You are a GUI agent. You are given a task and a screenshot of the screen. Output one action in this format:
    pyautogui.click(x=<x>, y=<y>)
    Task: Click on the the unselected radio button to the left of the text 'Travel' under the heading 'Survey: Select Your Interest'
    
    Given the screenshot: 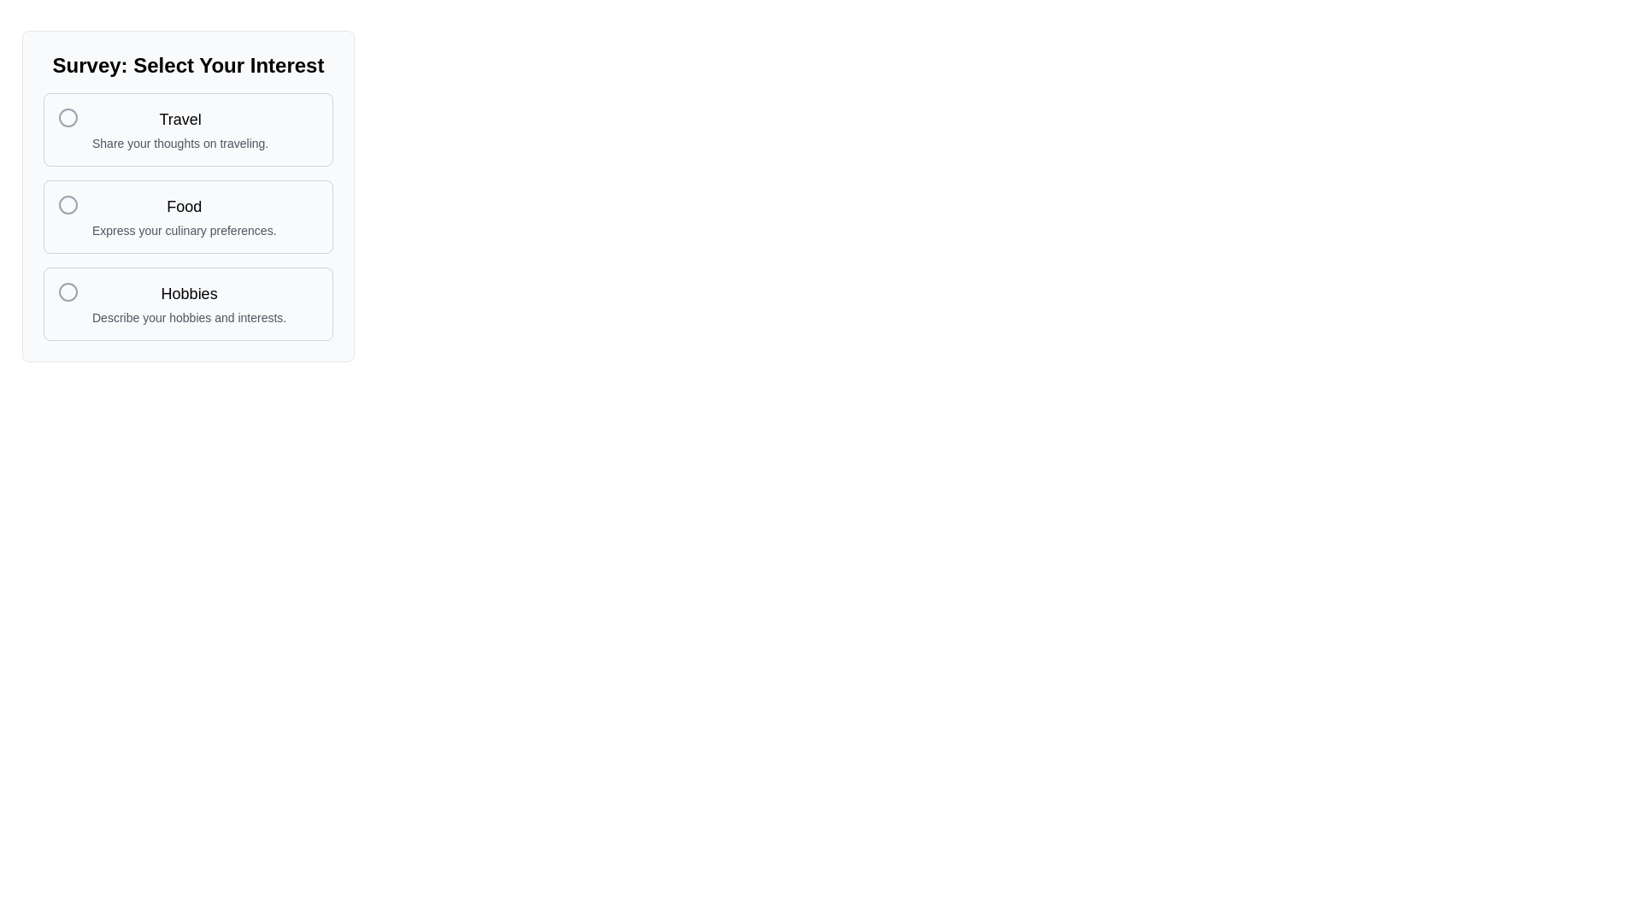 What is the action you would take?
    pyautogui.click(x=68, y=117)
    